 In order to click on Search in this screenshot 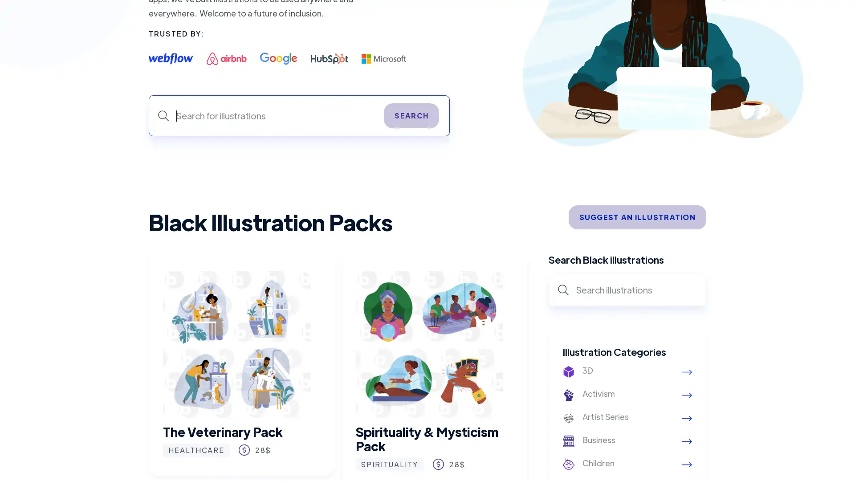, I will do `click(411, 115)`.